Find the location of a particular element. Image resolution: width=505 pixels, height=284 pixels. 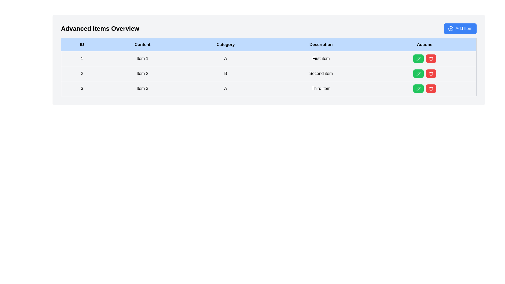

the text label containing the numeral '2' in the first cell of the second row under the 'ID' column of the table for detailed accessibility description is located at coordinates (82, 74).